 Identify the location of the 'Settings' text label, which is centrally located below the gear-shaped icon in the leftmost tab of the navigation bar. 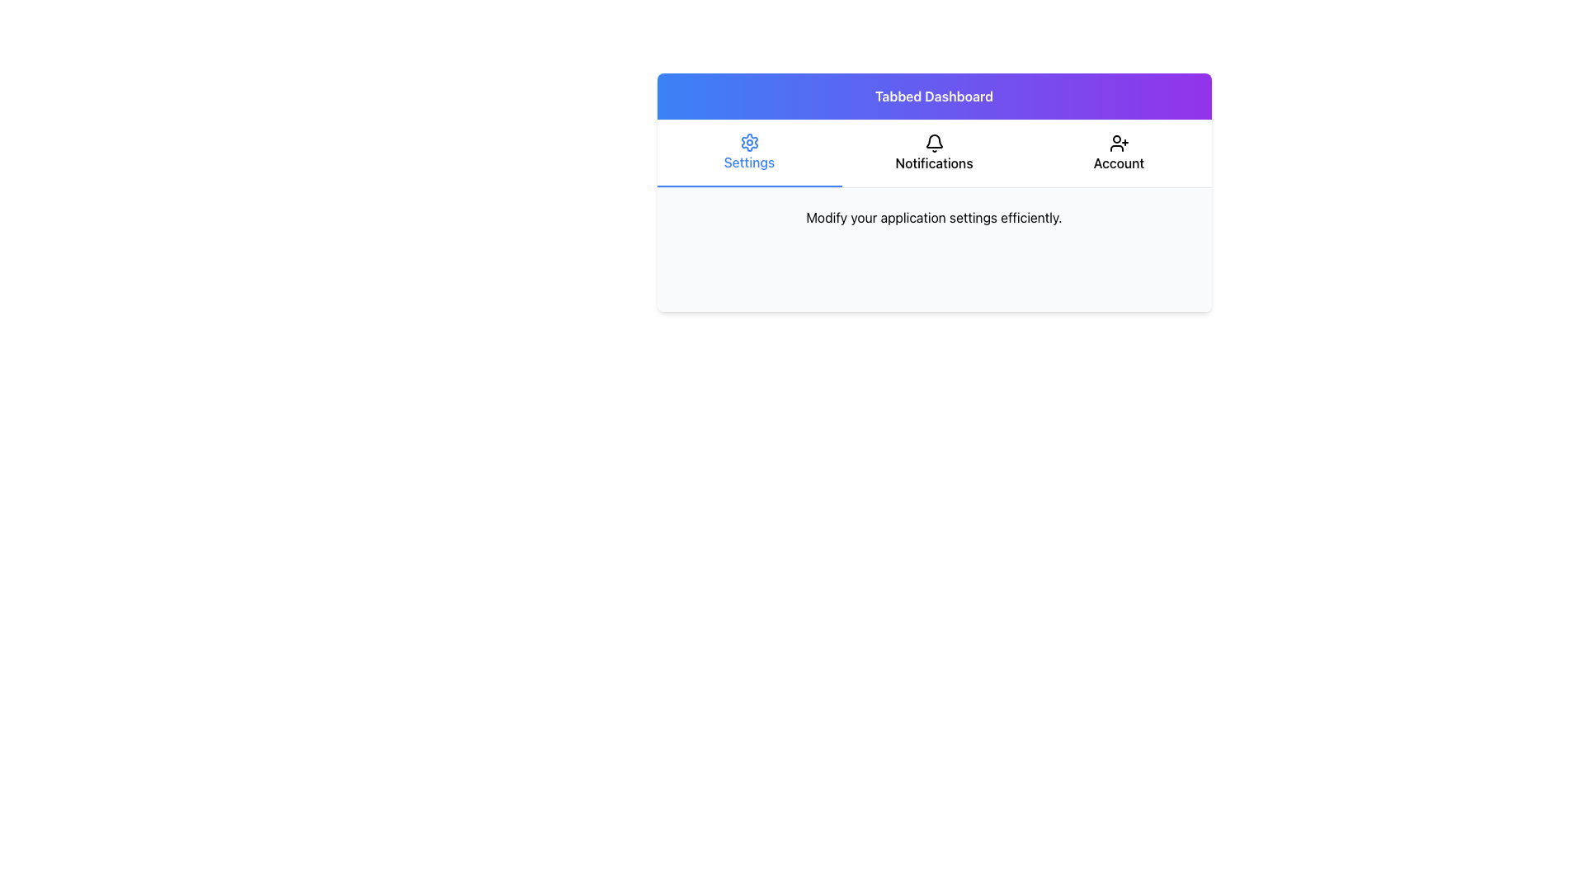
(748, 162).